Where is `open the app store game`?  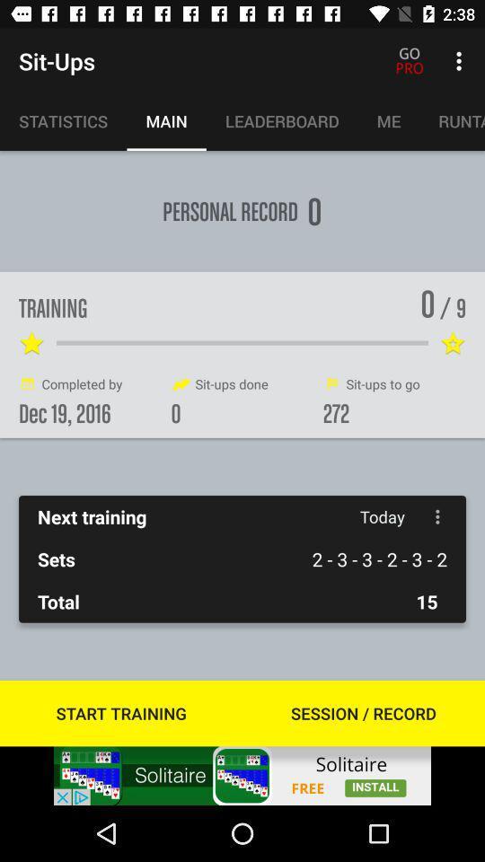
open the app store game is located at coordinates (242, 775).